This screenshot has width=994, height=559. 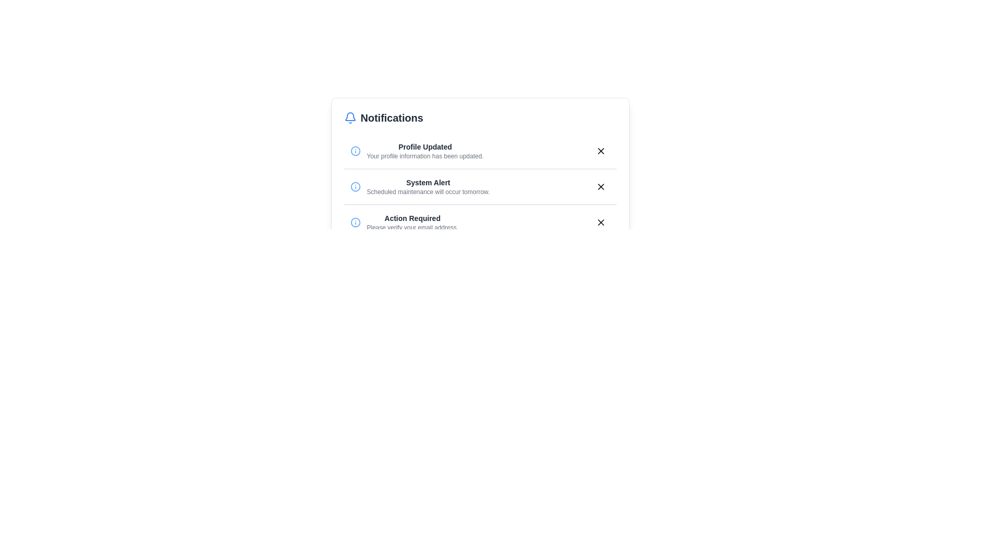 What do you see at coordinates (428, 192) in the screenshot?
I see `the text label displaying 'Scheduled maintenance will occur tomorrow.' located below the 'System Alert' title in the notification card` at bounding box center [428, 192].